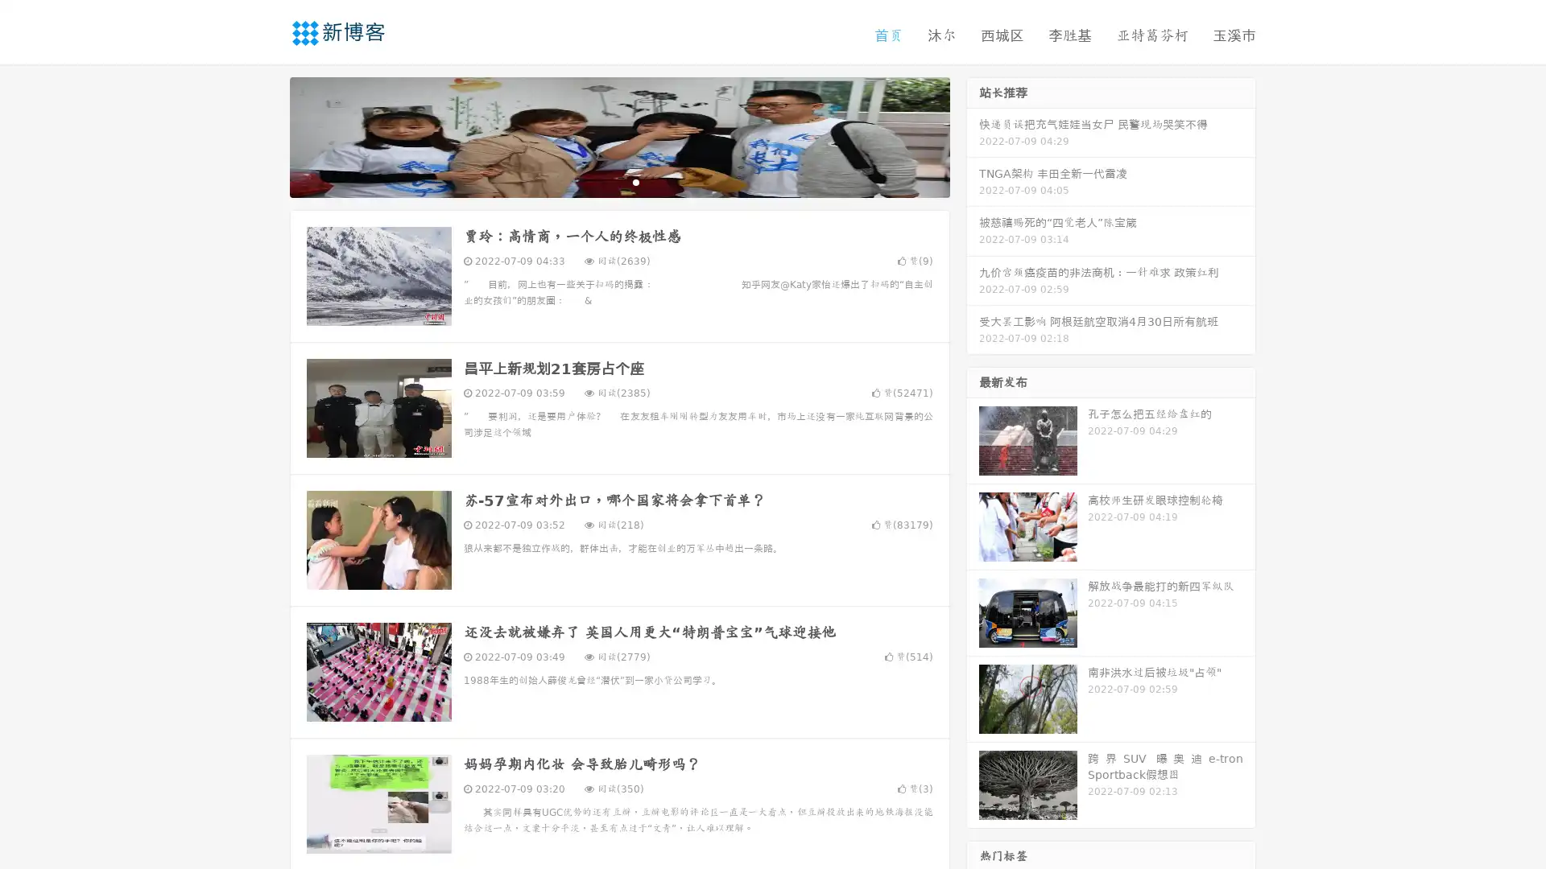  Describe the element at coordinates (973, 135) in the screenshot. I see `Next slide` at that location.